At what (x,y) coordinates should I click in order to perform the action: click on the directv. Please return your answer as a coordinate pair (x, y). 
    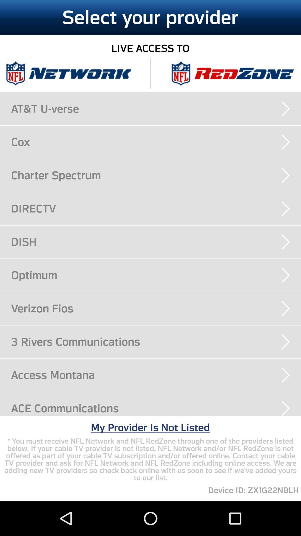
    Looking at the image, I should click on (156, 208).